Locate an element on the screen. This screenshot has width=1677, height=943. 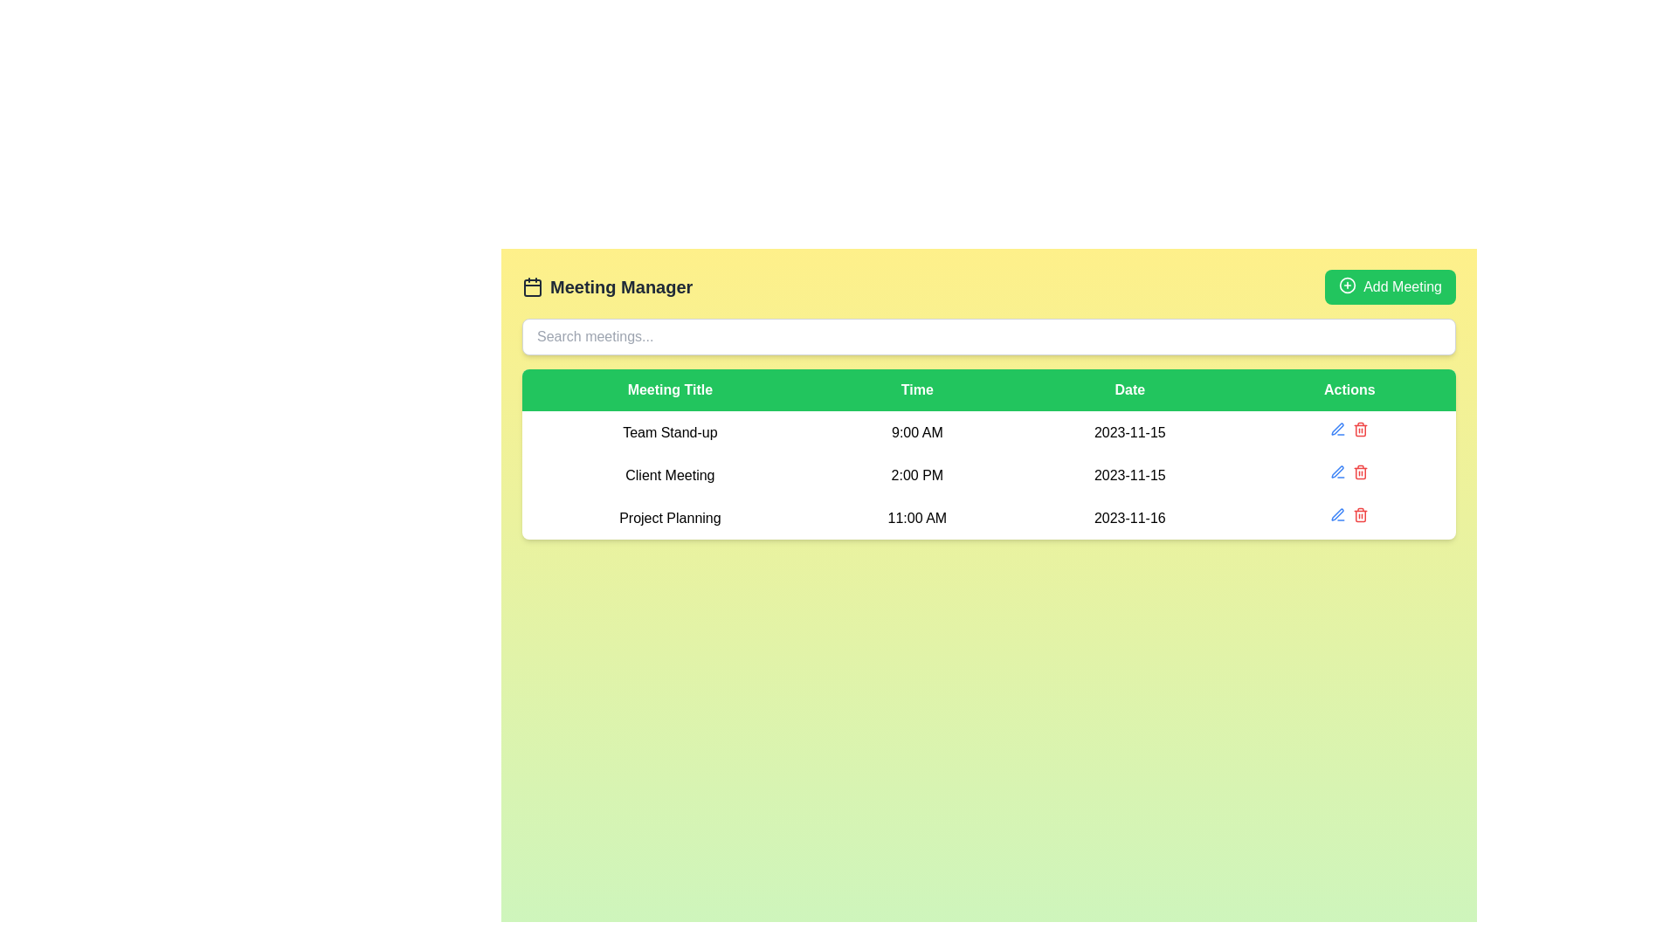
the static Text label indicating the meeting title located in the third row of the list under the 'Meeting Title' column is located at coordinates (669, 517).